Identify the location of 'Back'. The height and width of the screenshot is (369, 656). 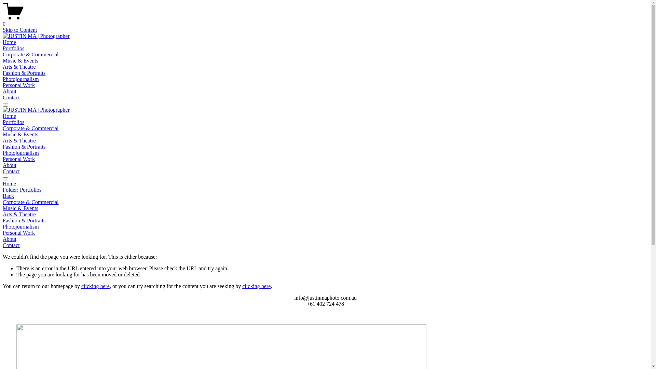
(8, 196).